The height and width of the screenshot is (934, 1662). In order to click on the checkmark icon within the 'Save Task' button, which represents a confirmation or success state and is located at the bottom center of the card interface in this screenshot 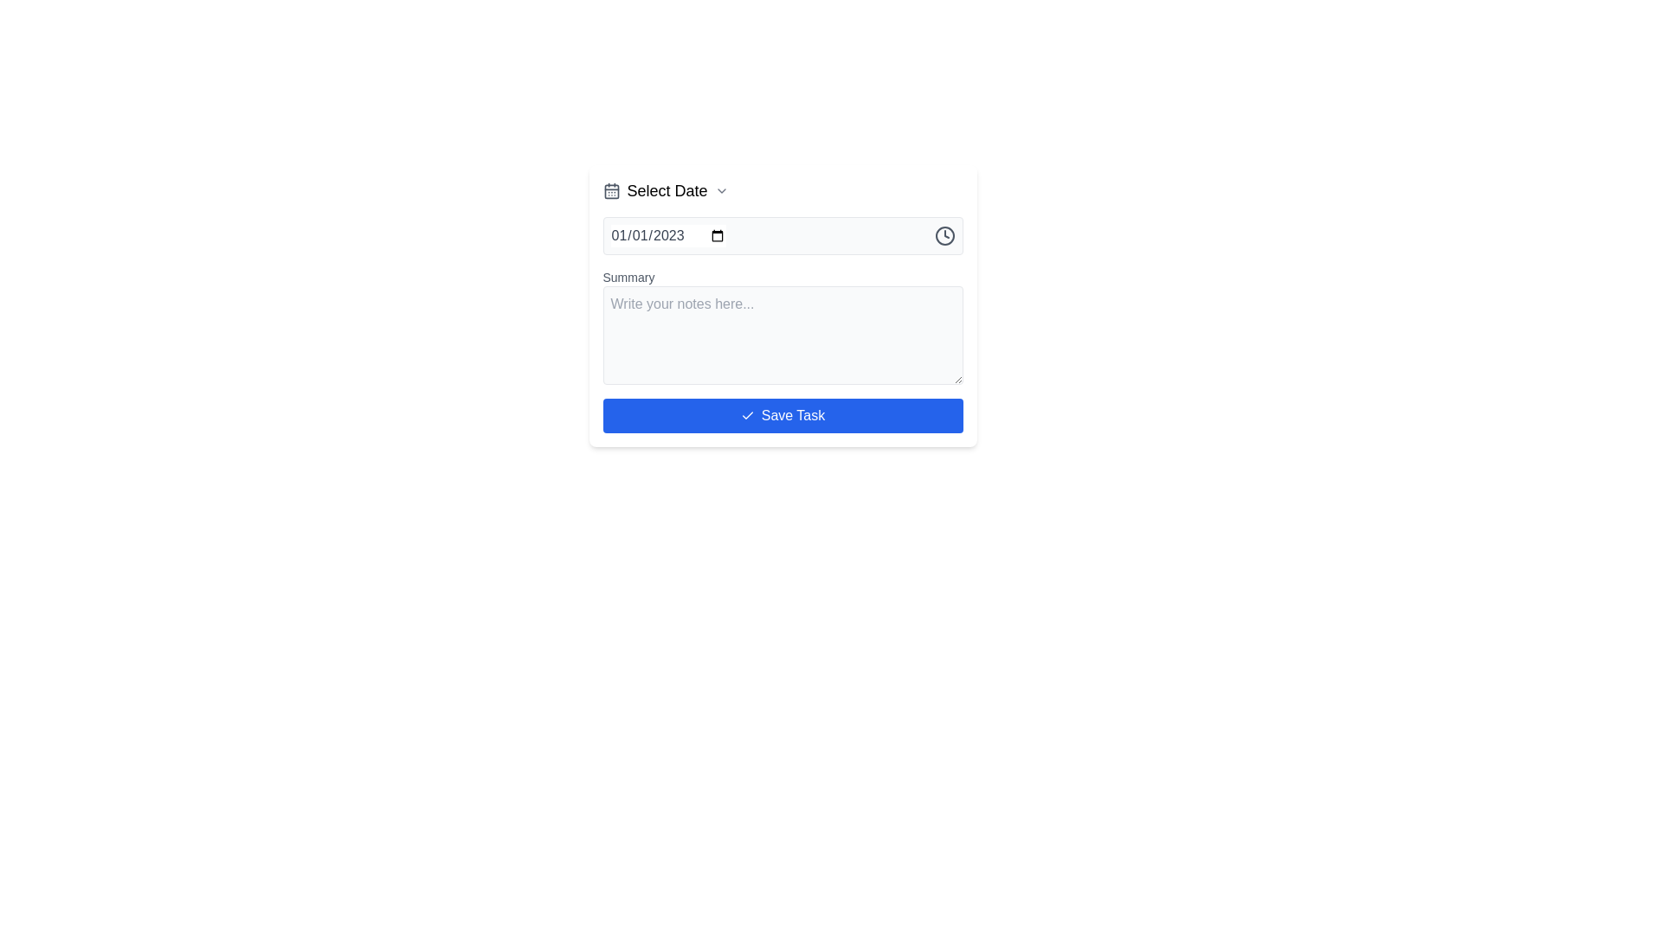, I will do `click(747, 416)`.